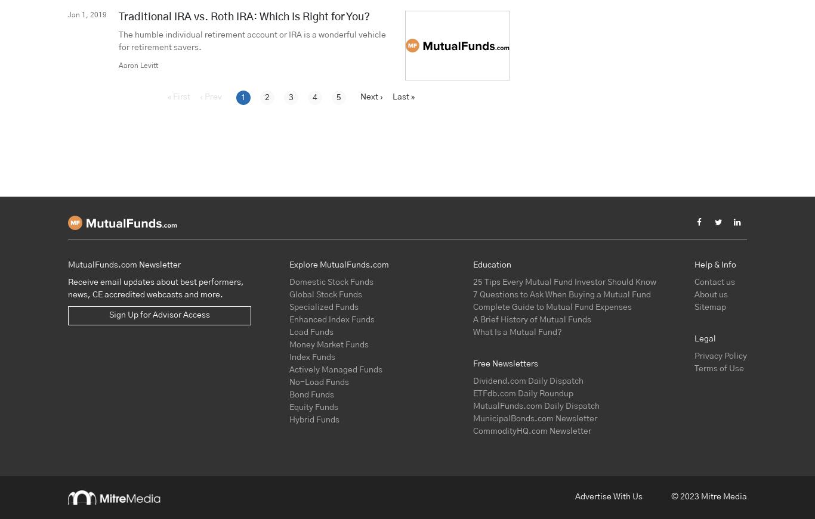 This screenshot has width=815, height=519. Describe the element at coordinates (331, 282) in the screenshot. I see `'Domestic Stock Funds'` at that location.